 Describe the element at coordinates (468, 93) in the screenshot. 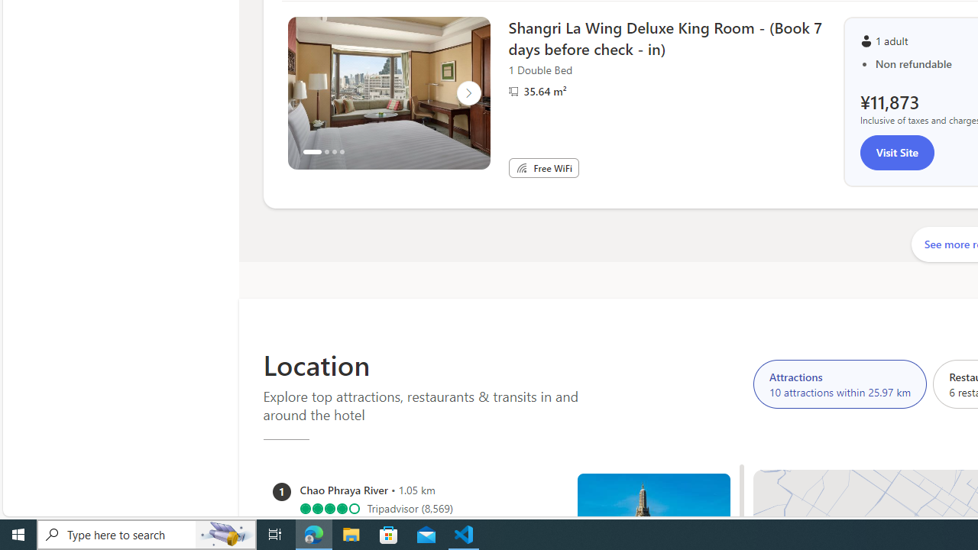

I see `'Click to scroll right'` at that location.